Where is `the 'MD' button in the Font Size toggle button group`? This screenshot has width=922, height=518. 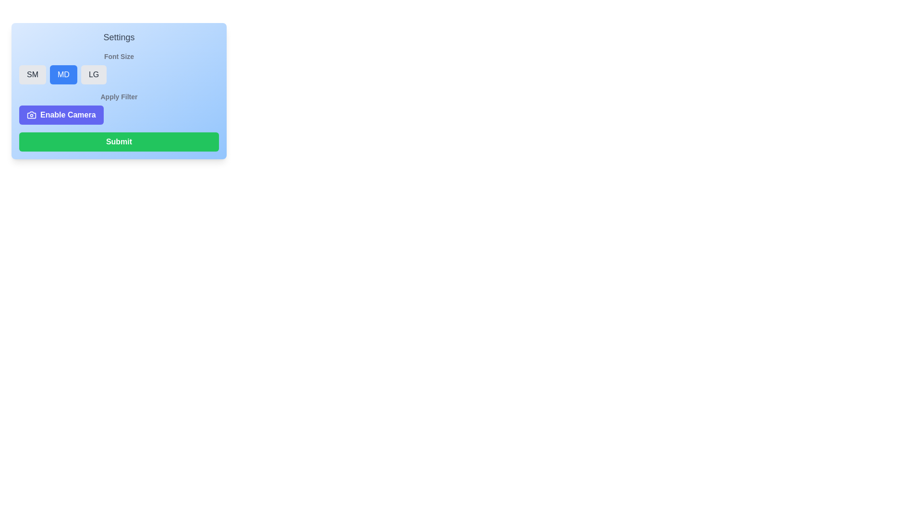 the 'MD' button in the Font Size toggle button group is located at coordinates (119, 74).